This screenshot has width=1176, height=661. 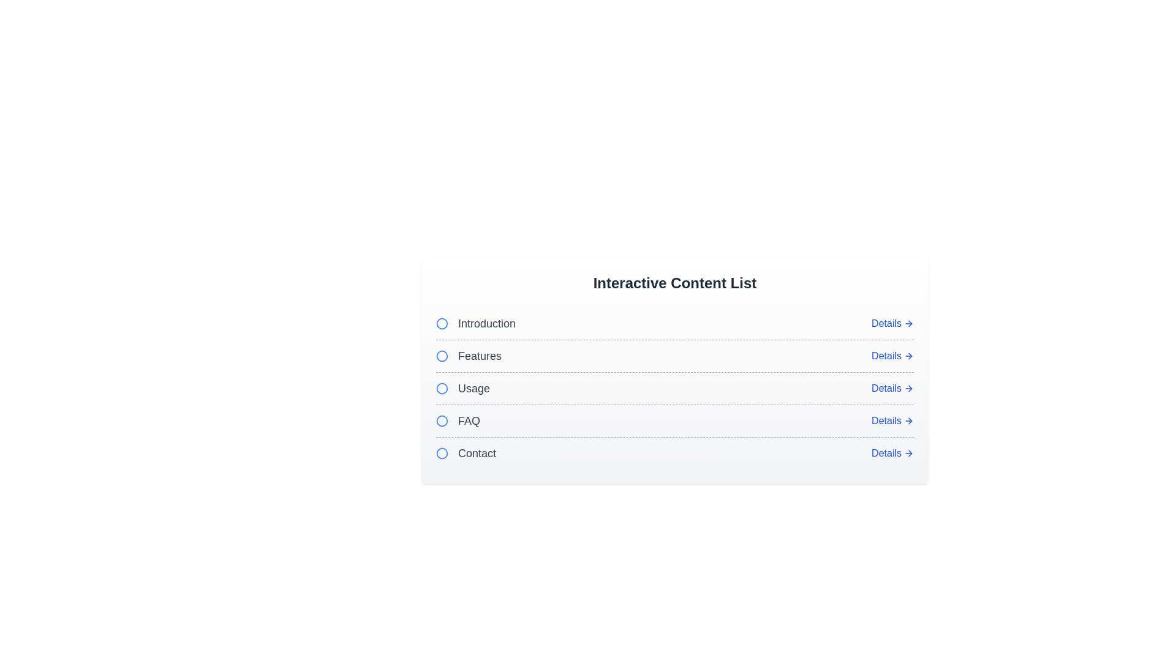 I want to click on the triangular tip of the rightward-pointing arrow icon located to the right of the 'Details' label in the third row of the vertically listed menu, so click(x=910, y=389).